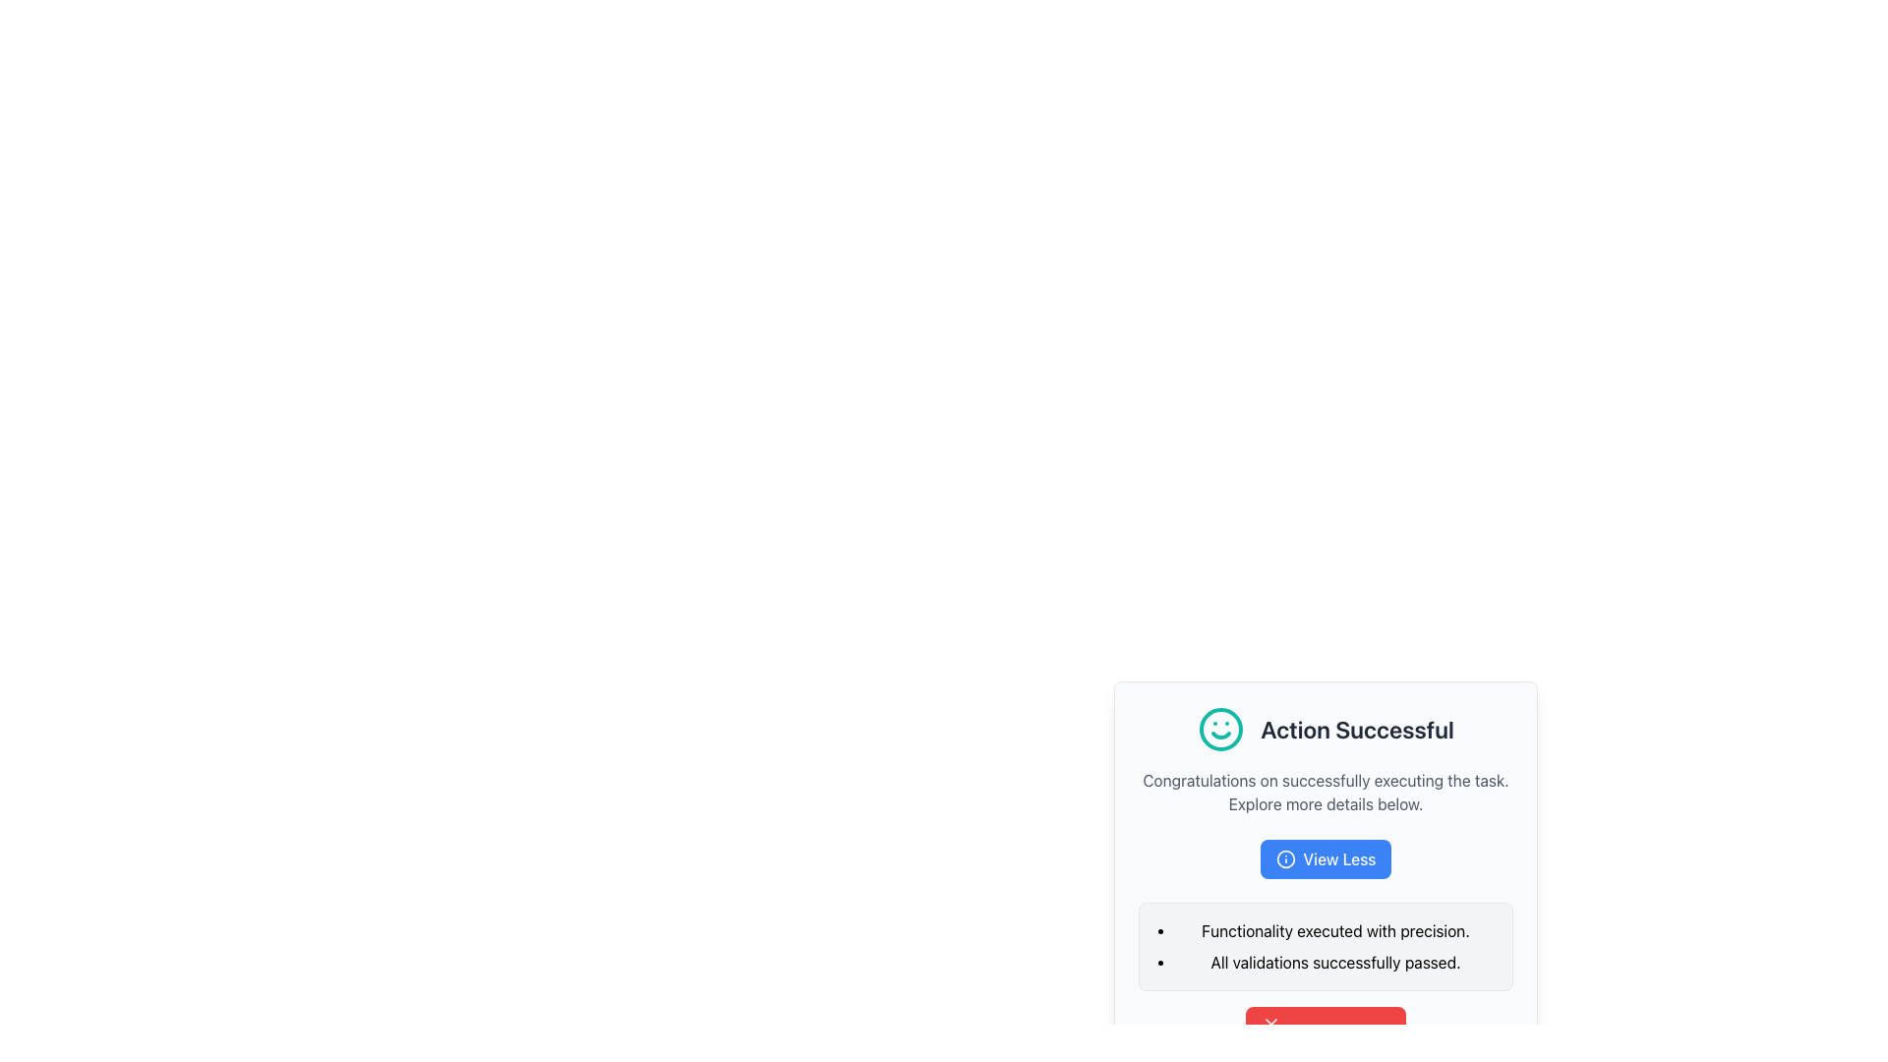  Describe the element at coordinates (1335, 962) in the screenshot. I see `the static text element displaying 'All validations successfully passed.' which is the second item in the bullet list under the header 'Action Successful'` at that location.